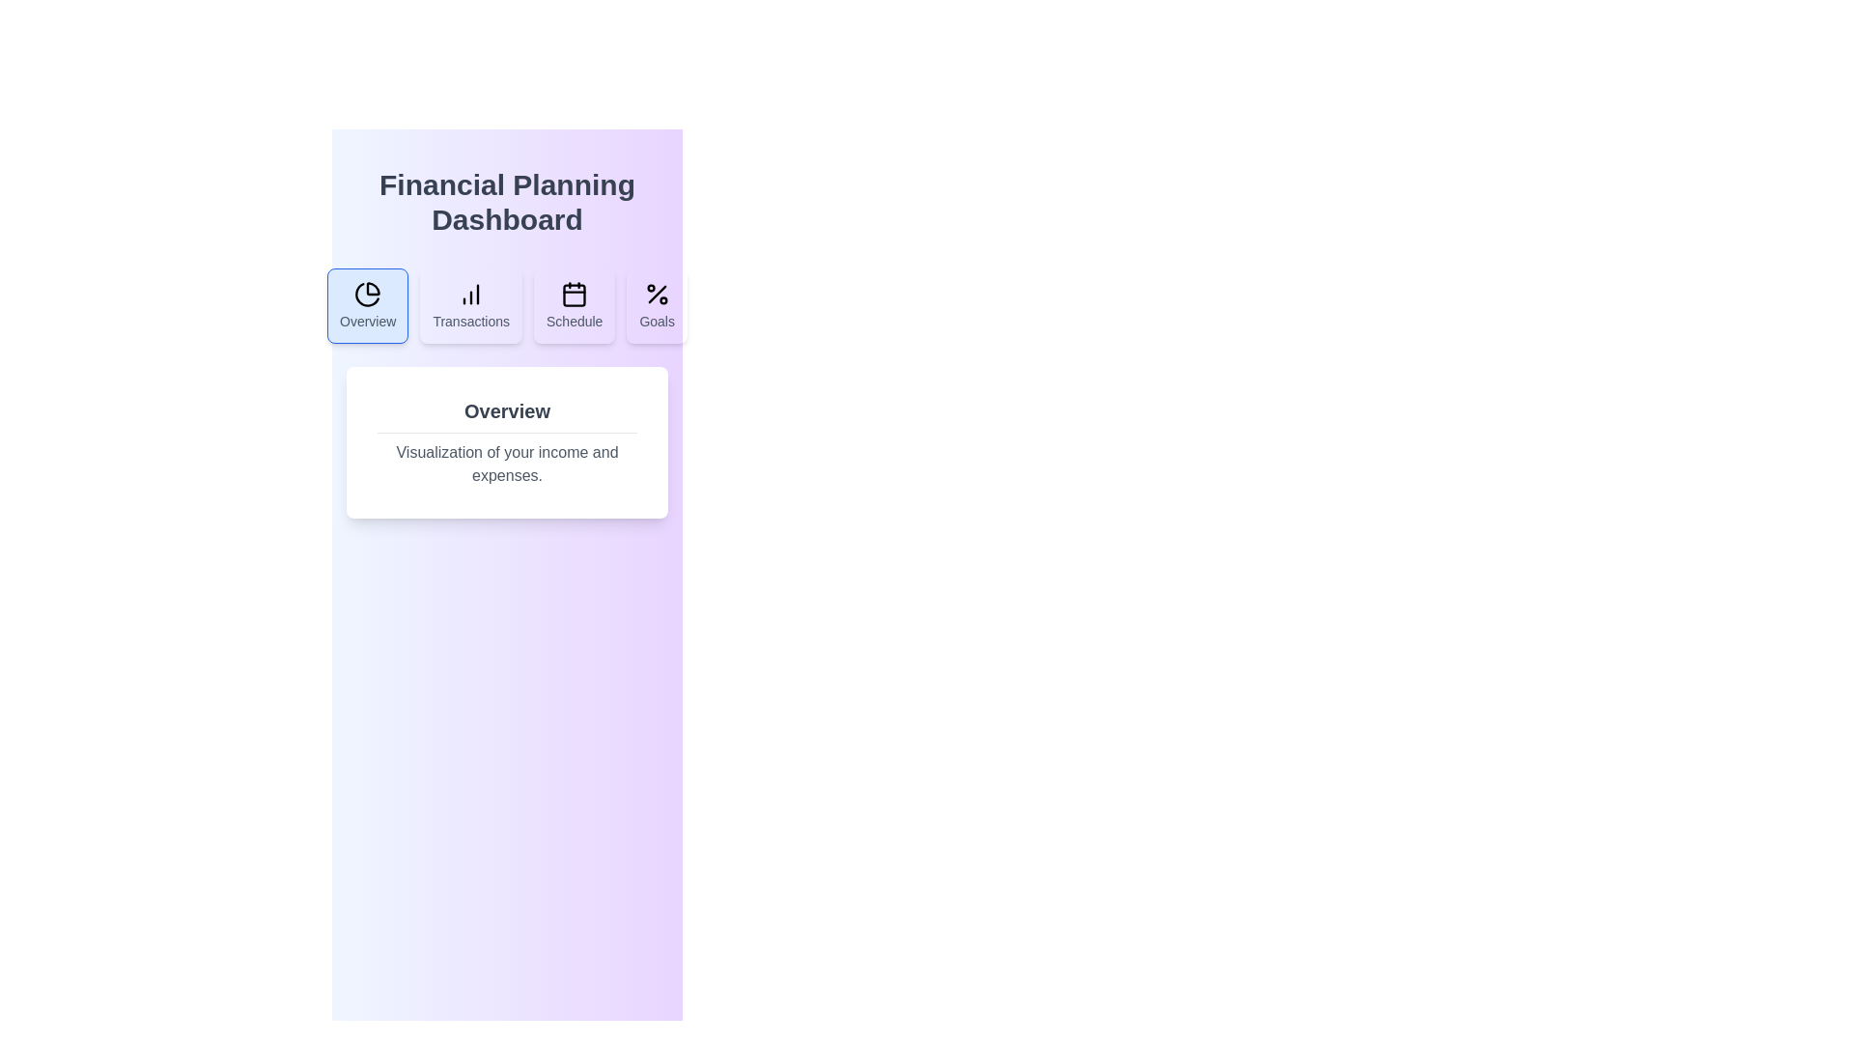 Image resolution: width=1854 pixels, height=1043 pixels. I want to click on the light purple button labeled 'Goals' with a black percent icon, located on the rightmost side of the button row below the 'Financial Planning Dashboard' heading, so click(657, 304).